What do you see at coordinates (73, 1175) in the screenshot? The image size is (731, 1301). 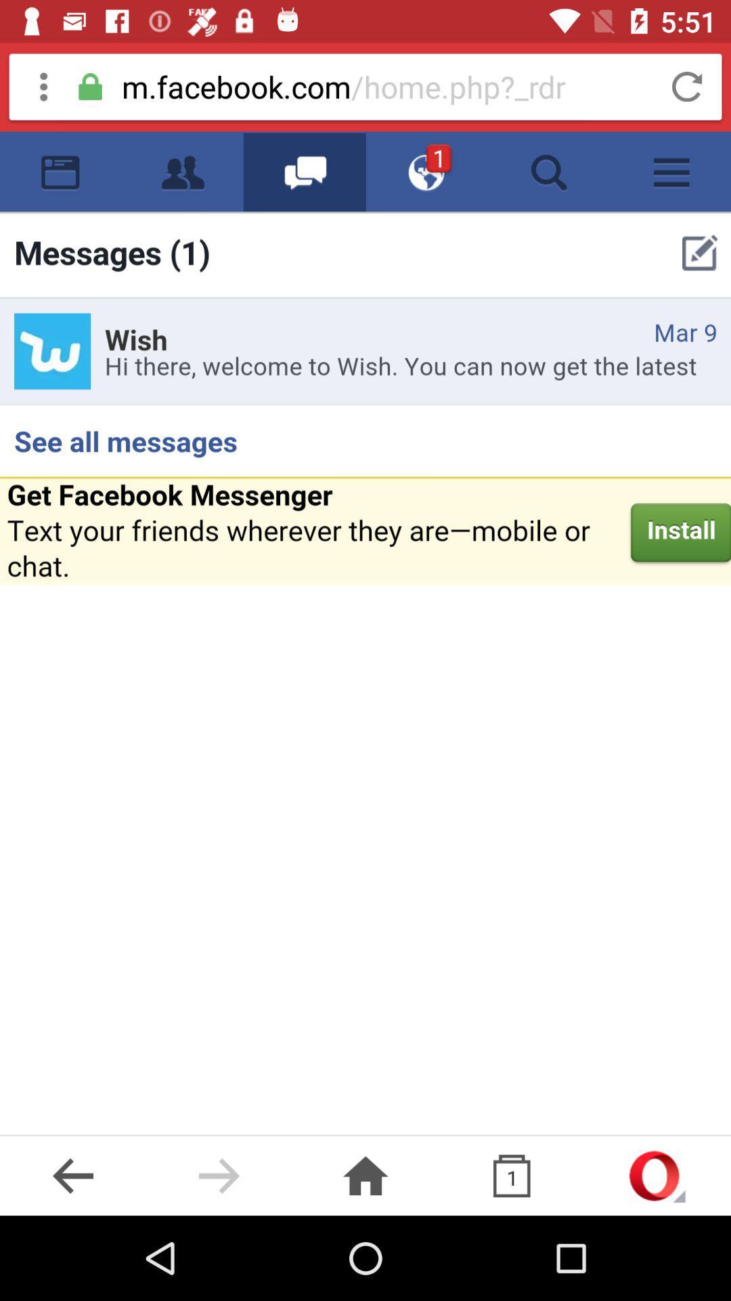 I see `the arrow_backward icon` at bounding box center [73, 1175].